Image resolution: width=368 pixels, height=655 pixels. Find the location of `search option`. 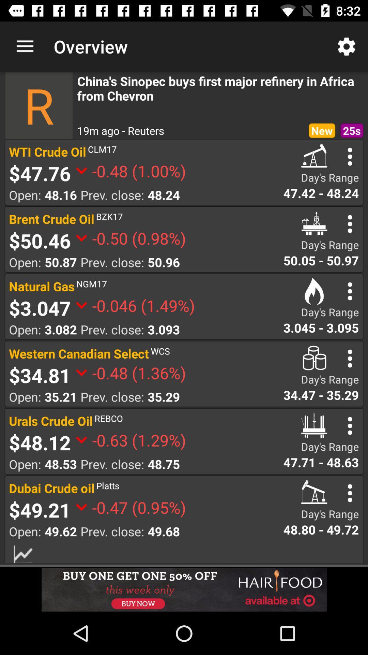

search option is located at coordinates (350, 291).